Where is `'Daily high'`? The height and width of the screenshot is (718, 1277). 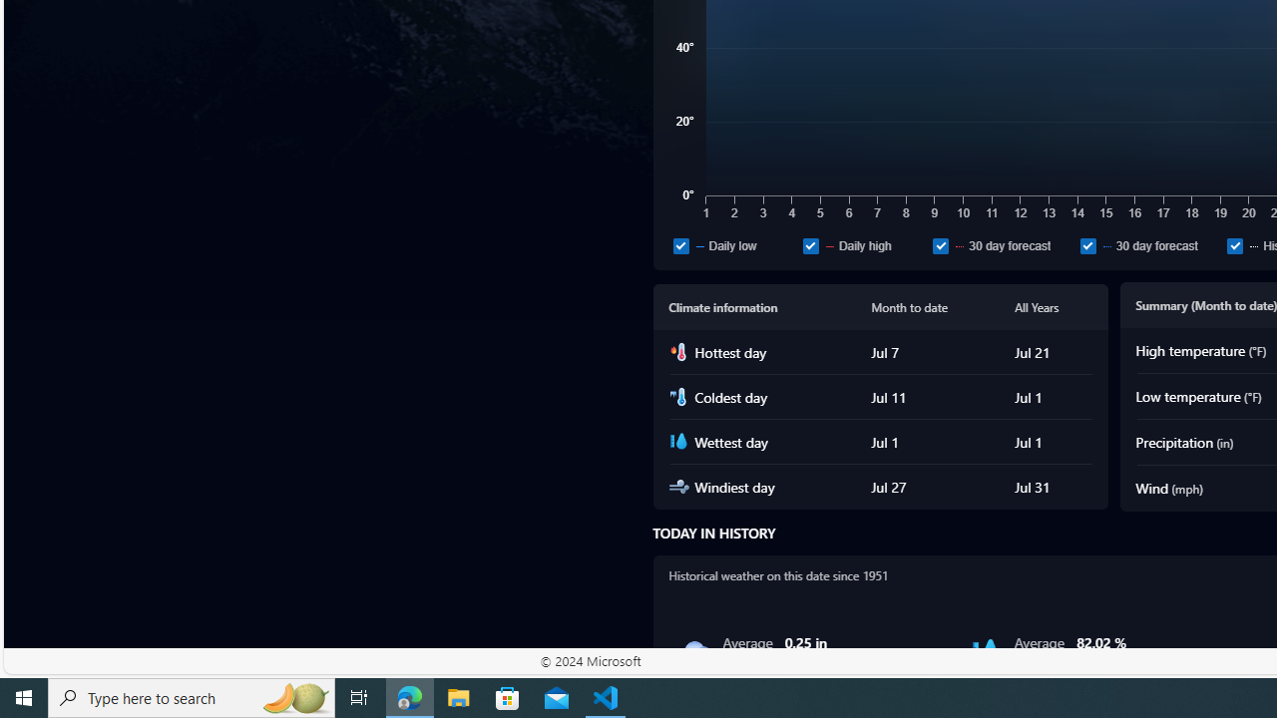
'Daily high' is located at coordinates (863, 244).